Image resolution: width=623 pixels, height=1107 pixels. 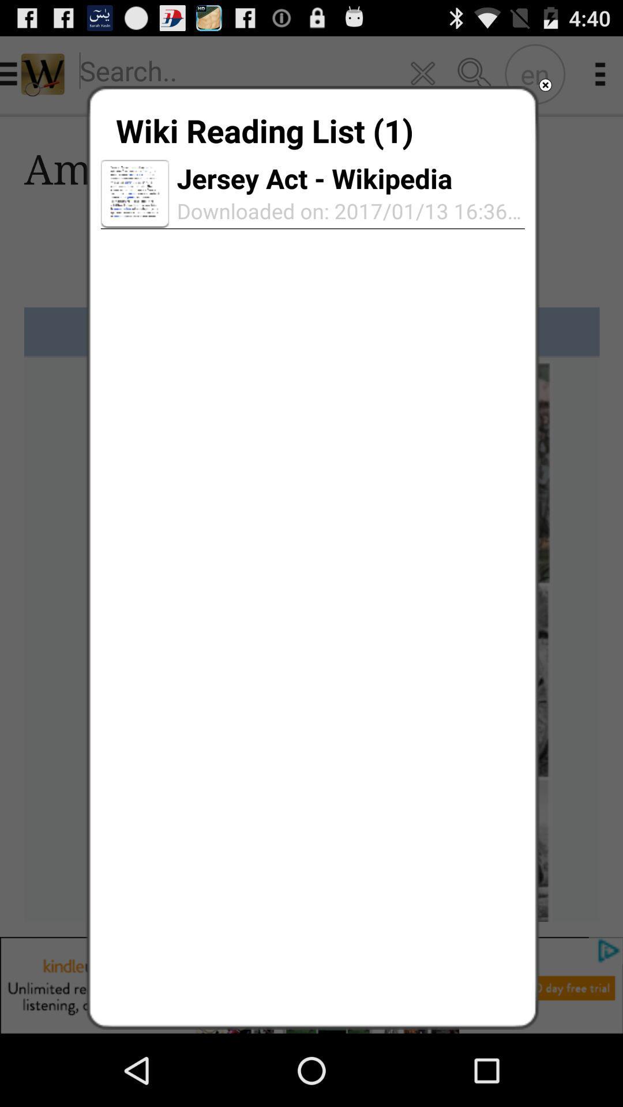 What do you see at coordinates (314, 178) in the screenshot?
I see `the jersey act - wikipedia` at bounding box center [314, 178].